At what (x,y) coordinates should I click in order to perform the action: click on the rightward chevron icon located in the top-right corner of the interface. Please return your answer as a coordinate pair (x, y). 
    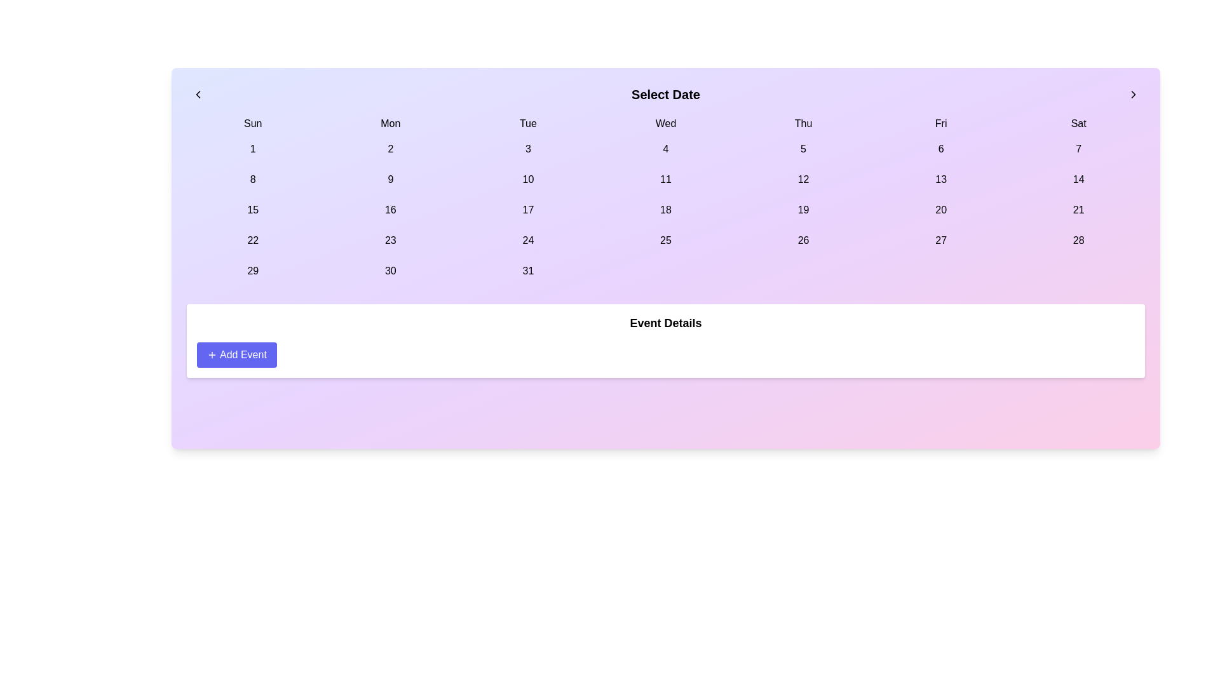
    Looking at the image, I should click on (1134, 94).